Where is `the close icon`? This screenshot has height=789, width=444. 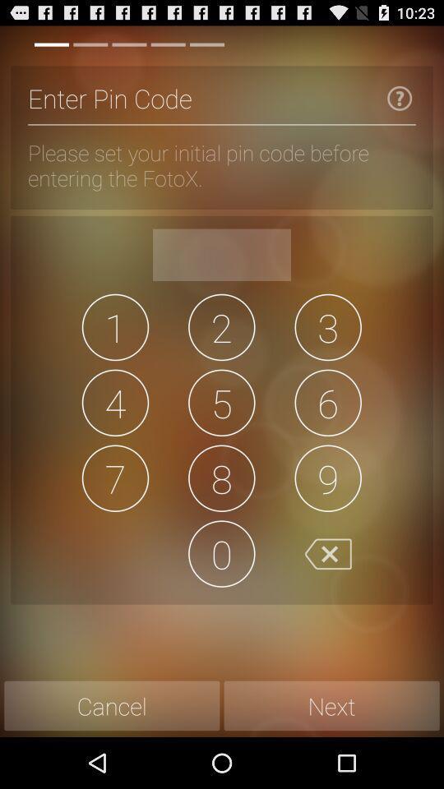 the close icon is located at coordinates (328, 592).